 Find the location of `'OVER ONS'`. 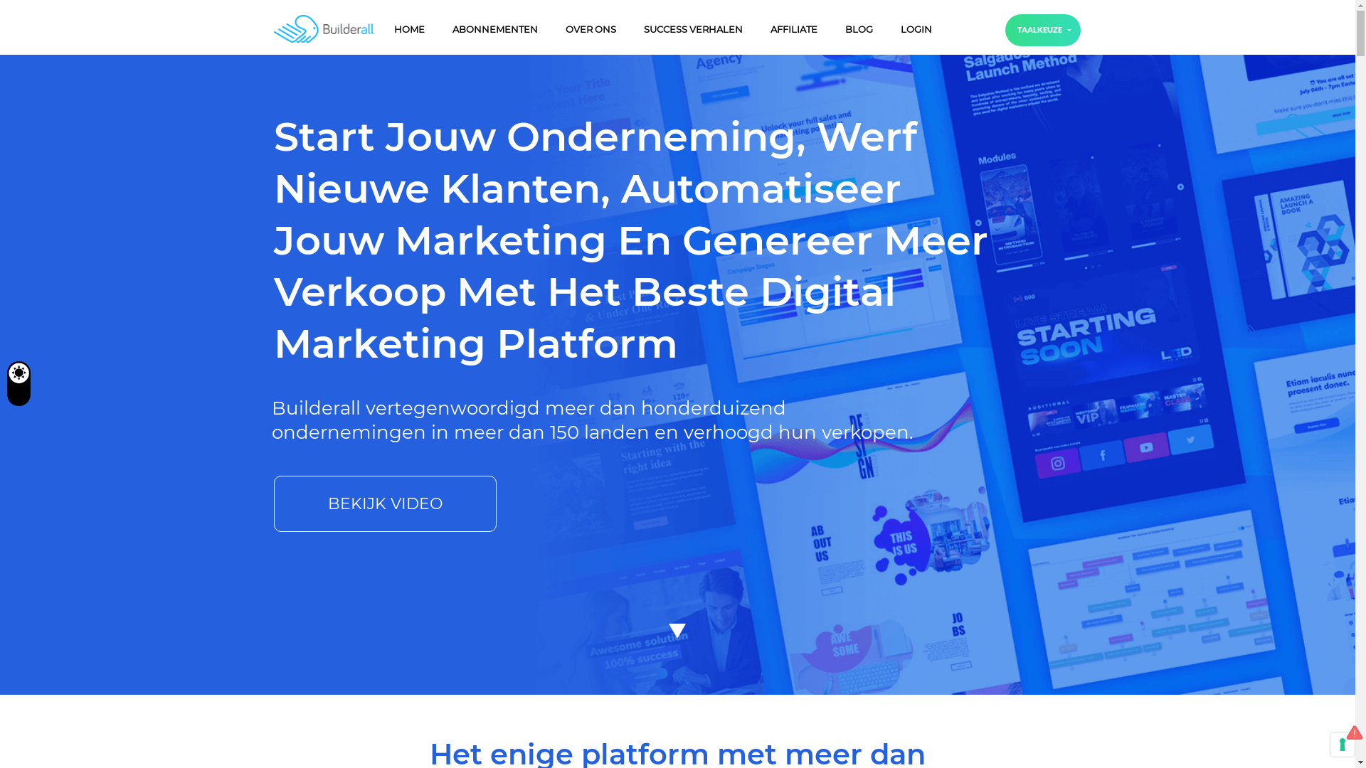

'OVER ONS' is located at coordinates (591, 29).